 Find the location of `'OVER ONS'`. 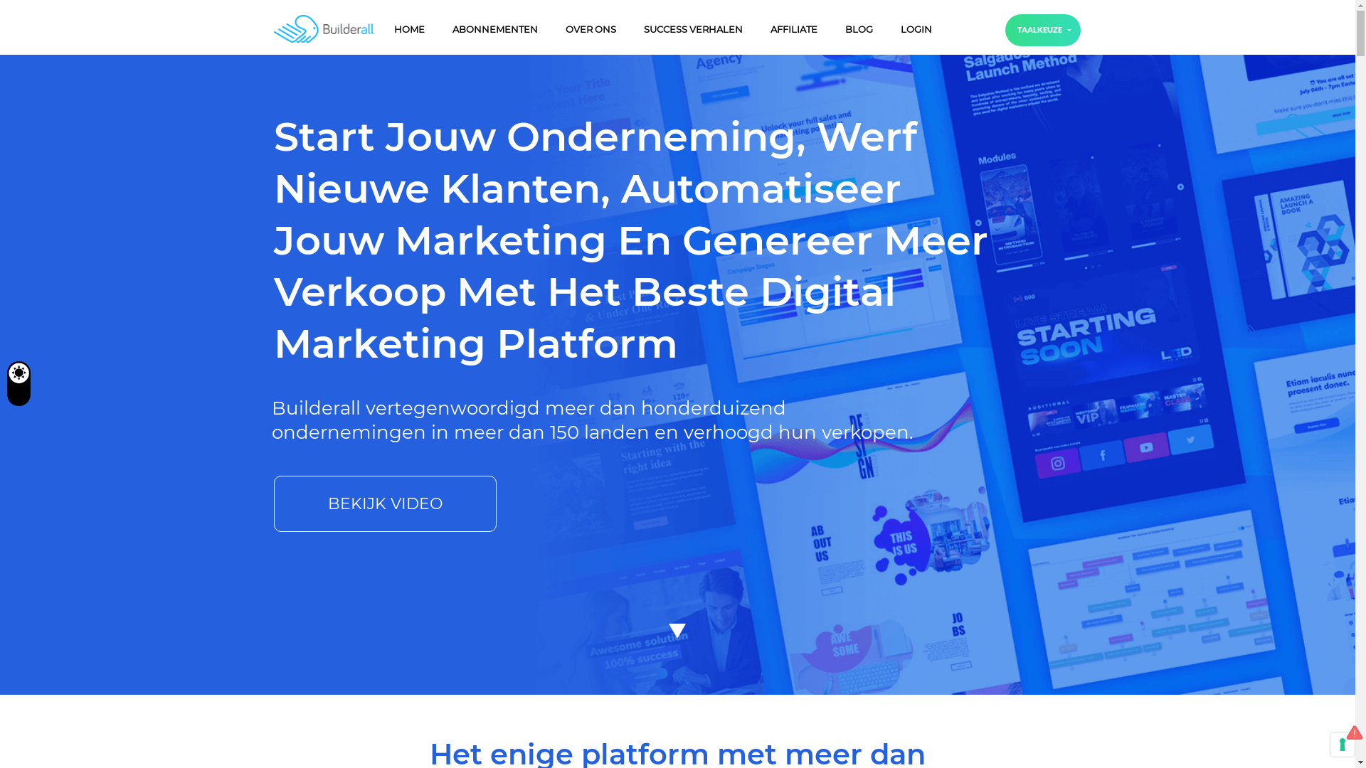

'OVER ONS' is located at coordinates (591, 29).